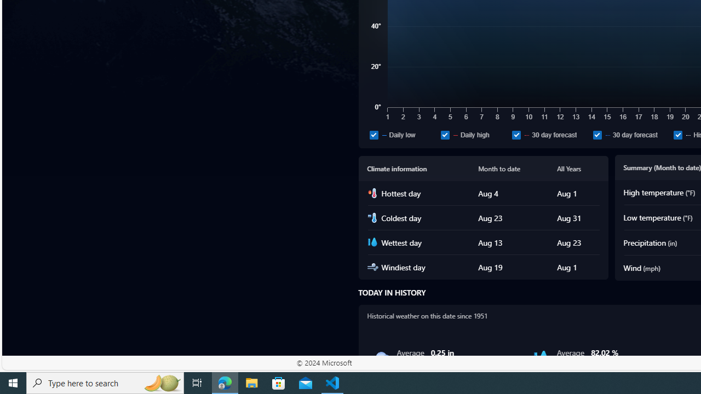  Describe the element at coordinates (403, 134) in the screenshot. I see `'Daily low'` at that location.